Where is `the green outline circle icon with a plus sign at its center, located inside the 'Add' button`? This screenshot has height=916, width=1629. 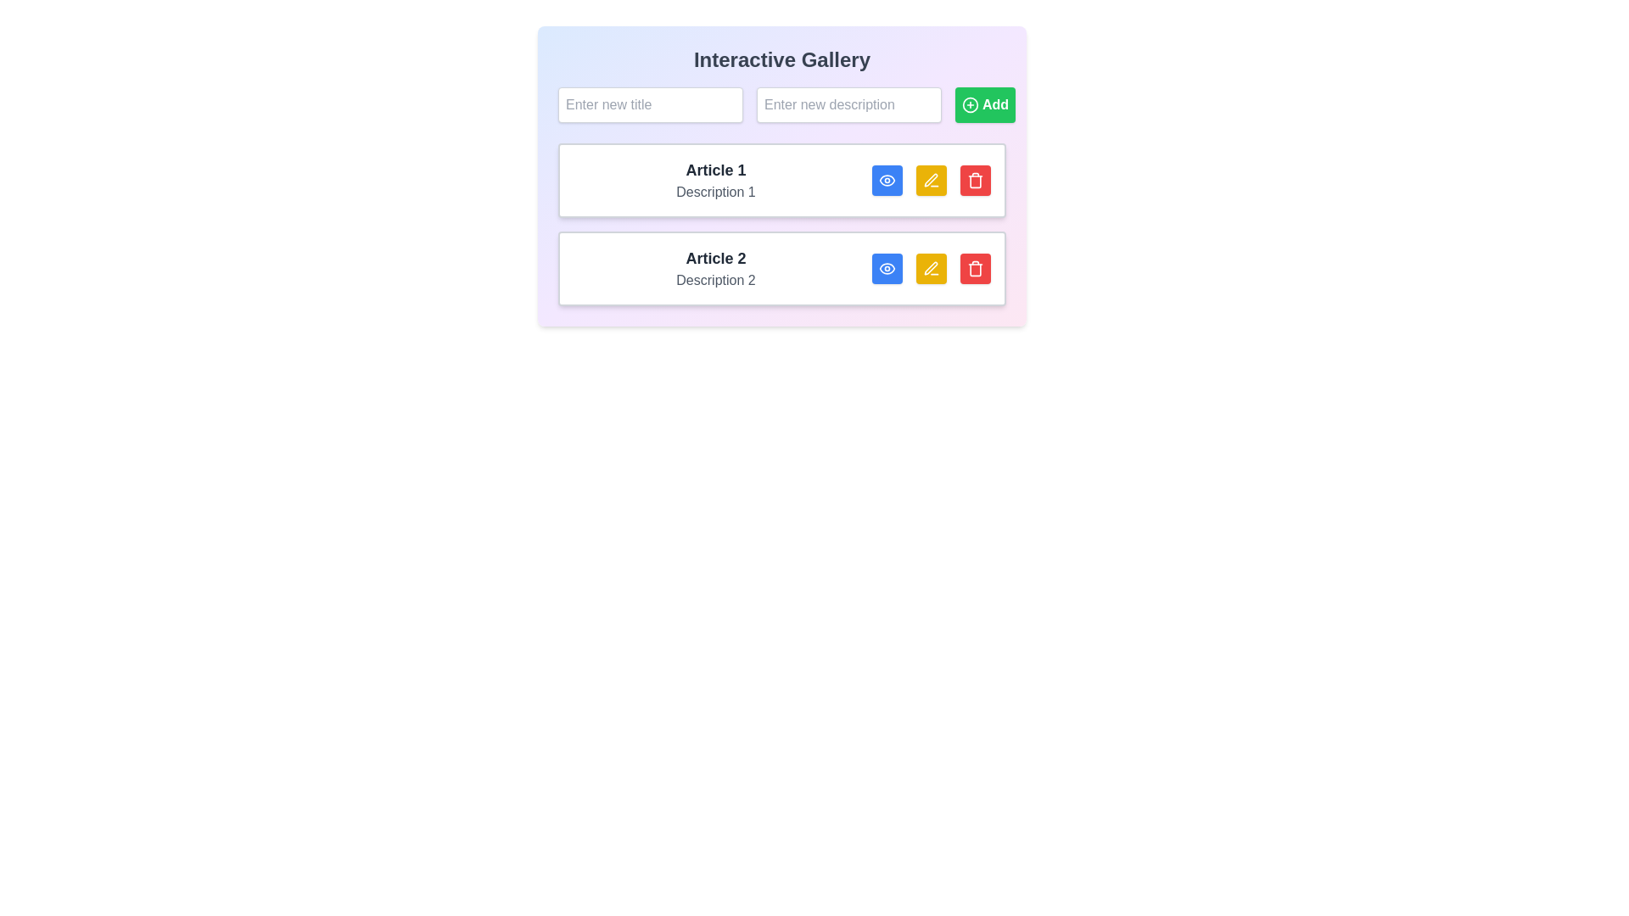 the green outline circle icon with a plus sign at its center, located inside the 'Add' button is located at coordinates (970, 104).